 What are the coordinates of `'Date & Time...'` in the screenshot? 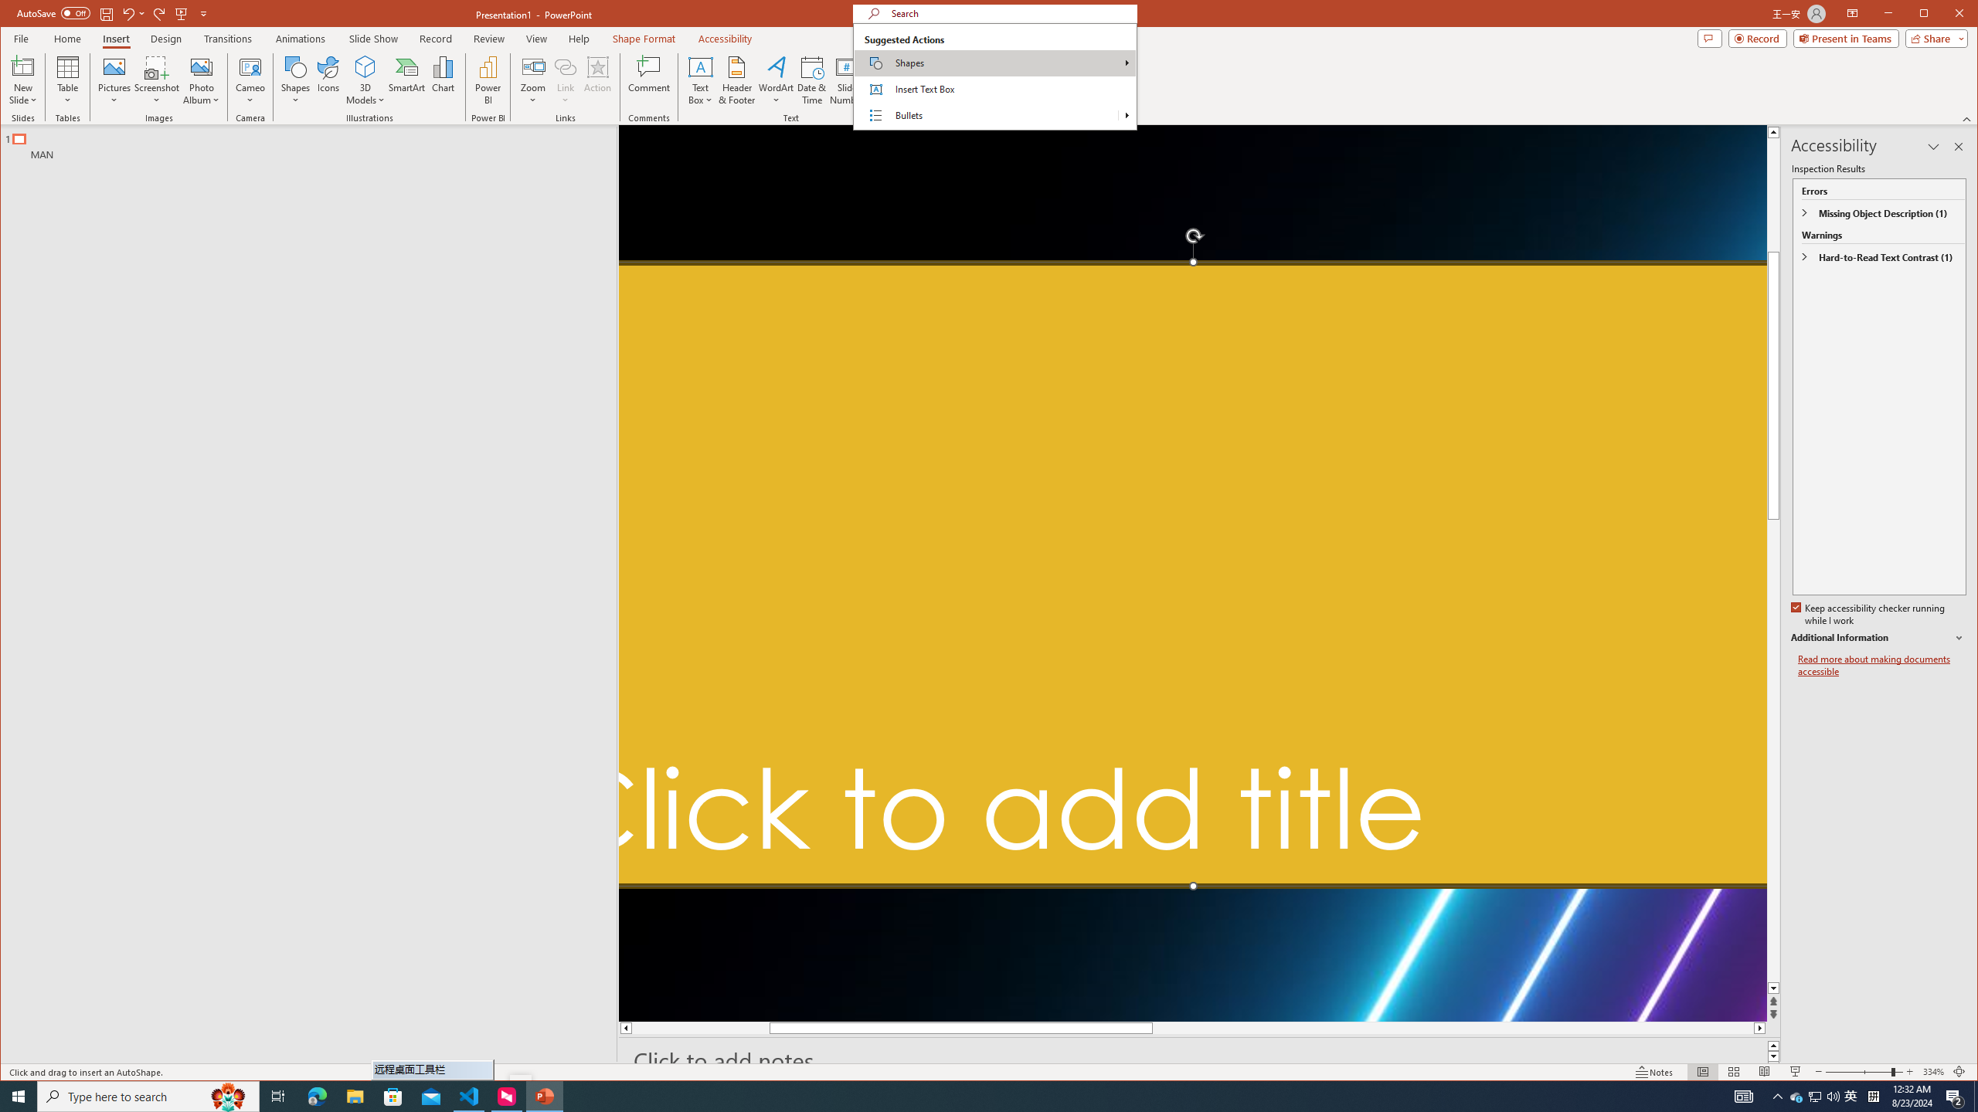 It's located at (811, 80).